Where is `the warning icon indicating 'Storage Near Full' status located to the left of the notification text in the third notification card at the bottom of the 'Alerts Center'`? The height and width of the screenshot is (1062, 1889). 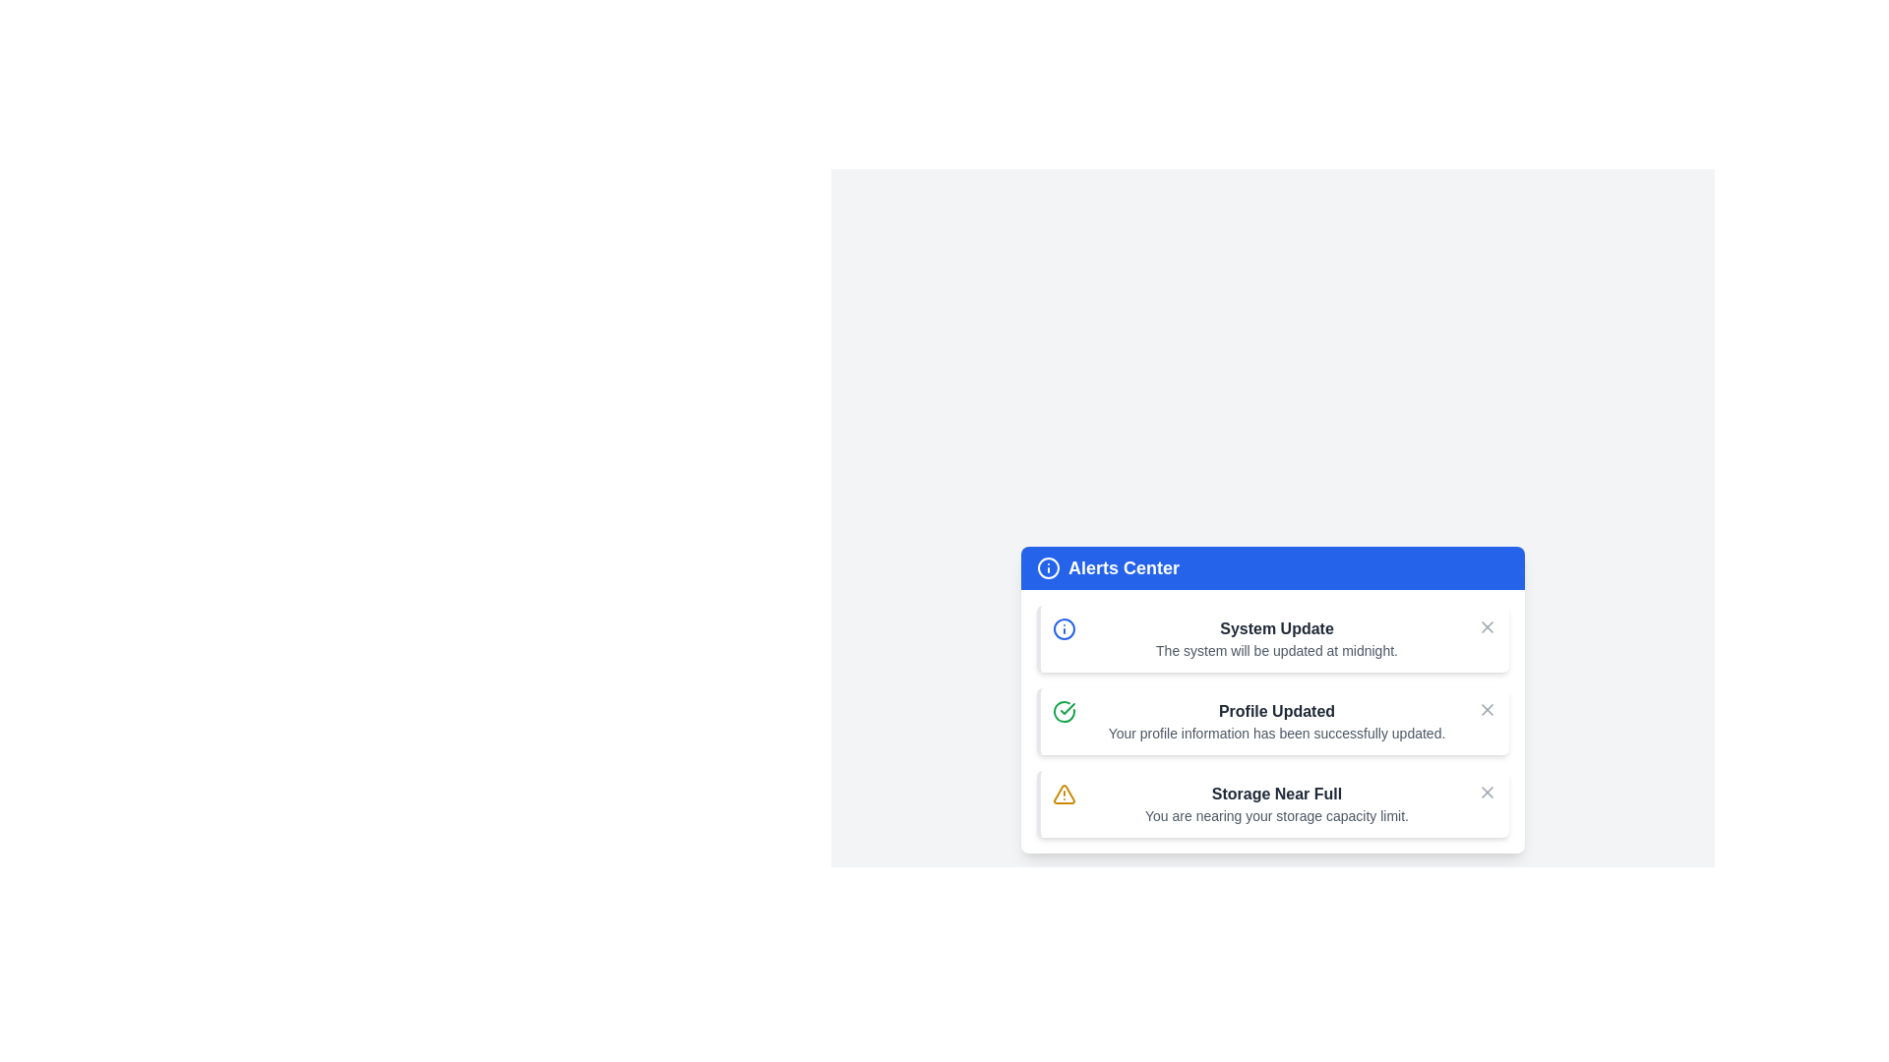 the warning icon indicating 'Storage Near Full' status located to the left of the notification text in the third notification card at the bottom of the 'Alerts Center' is located at coordinates (1063, 793).